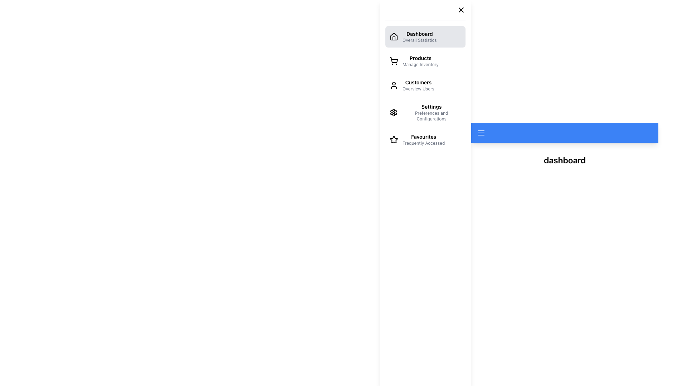  I want to click on the toggle button located in the blue rectangular header at the top-left of the interface, so click(481, 133).